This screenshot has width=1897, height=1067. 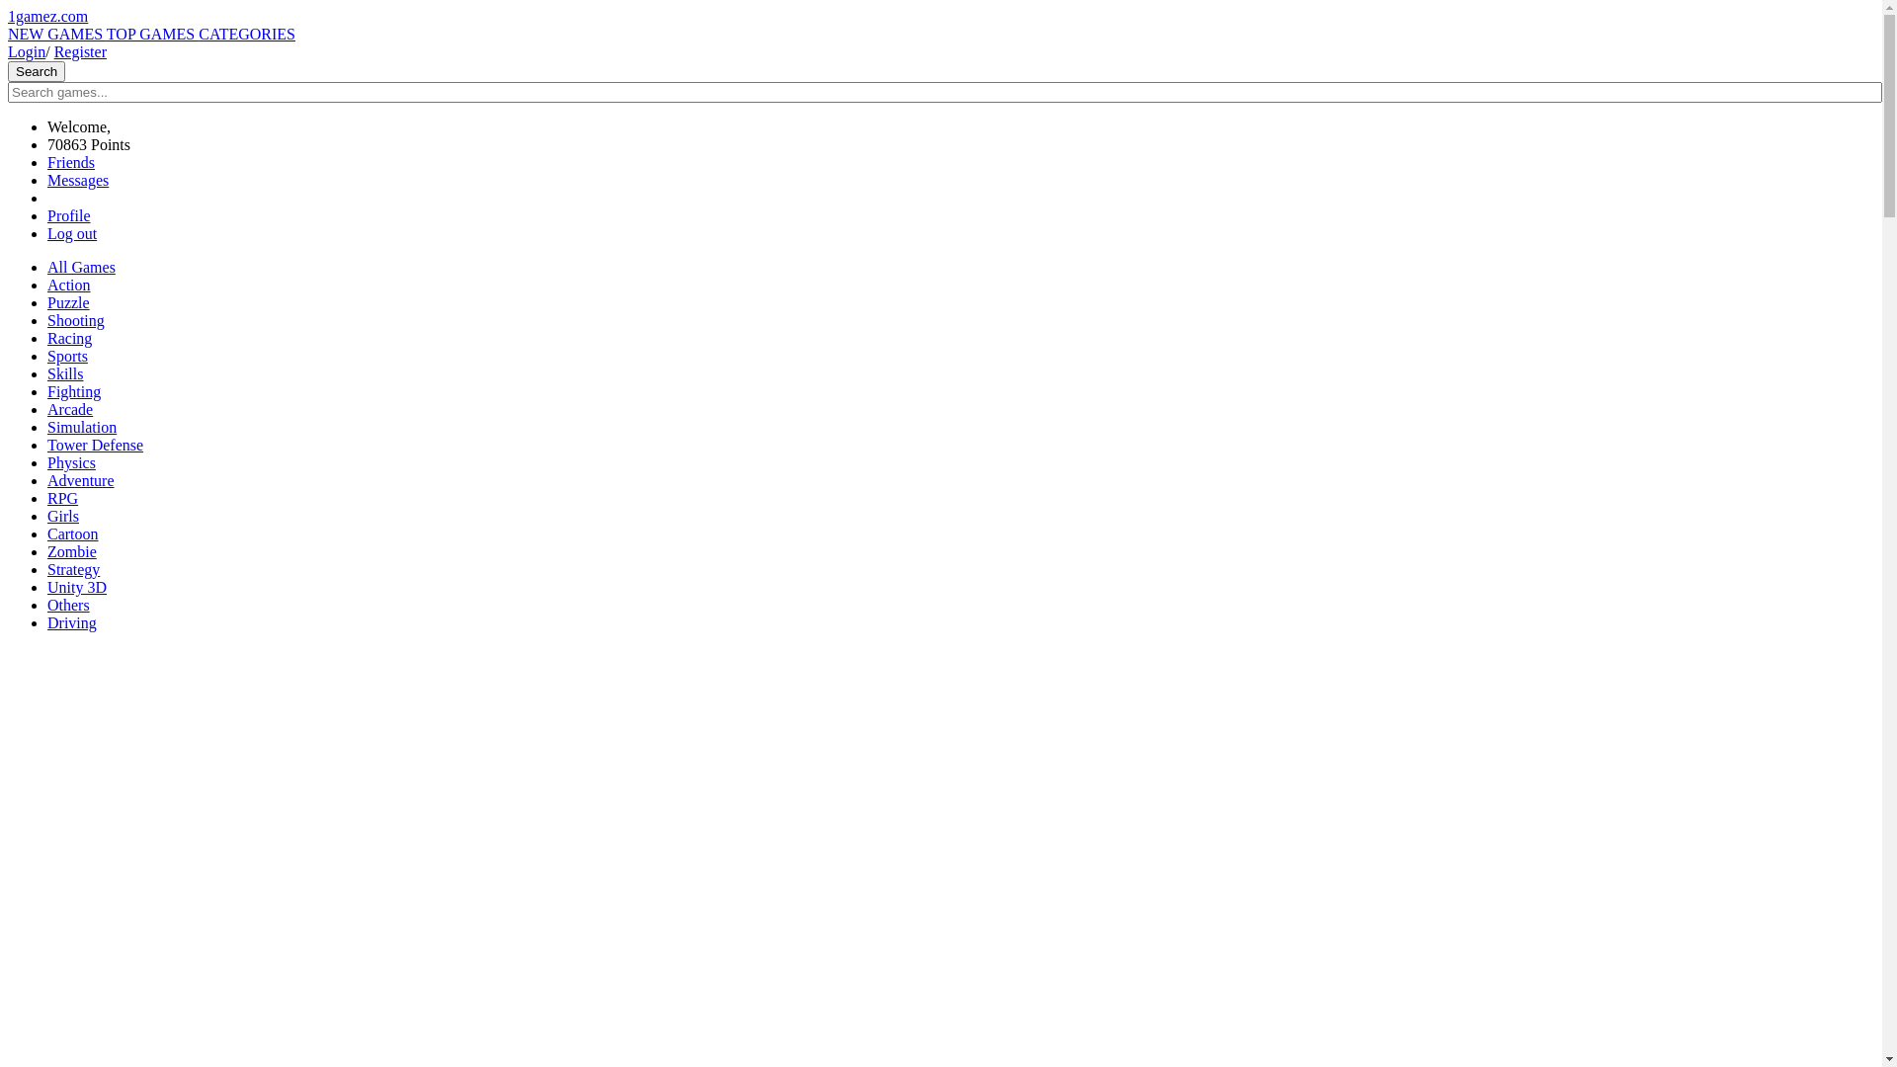 I want to click on 'Fighting', so click(x=74, y=391).